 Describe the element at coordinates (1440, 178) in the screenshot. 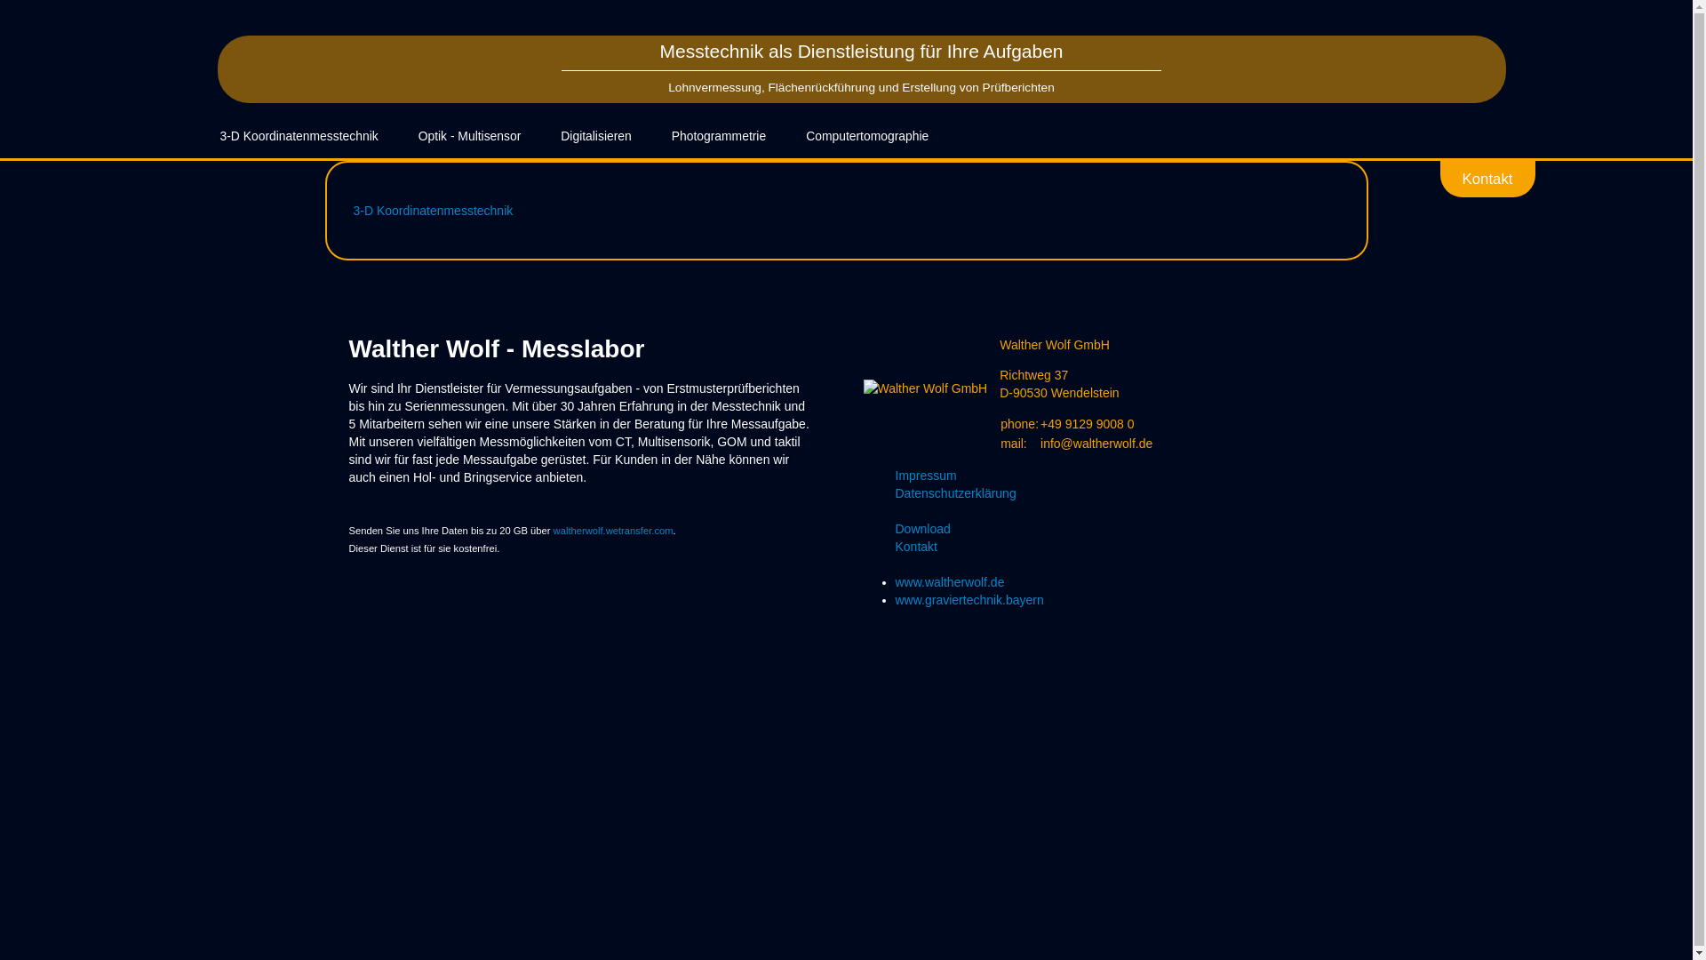

I see `'Kontakt'` at that location.